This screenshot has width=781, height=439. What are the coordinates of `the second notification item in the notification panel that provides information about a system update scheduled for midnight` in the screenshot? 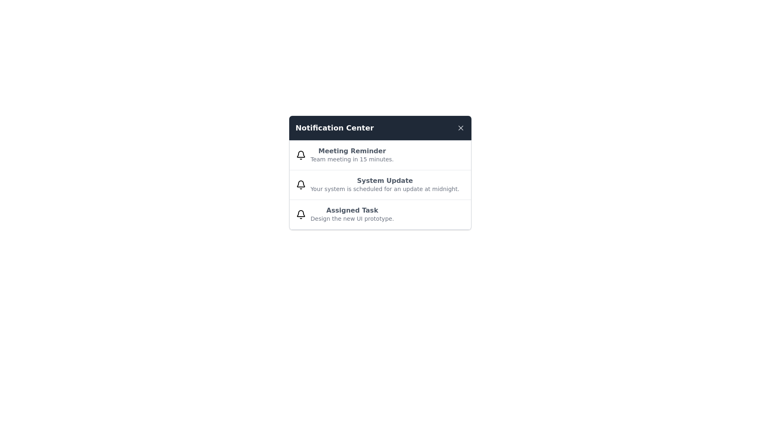 It's located at (384, 185).